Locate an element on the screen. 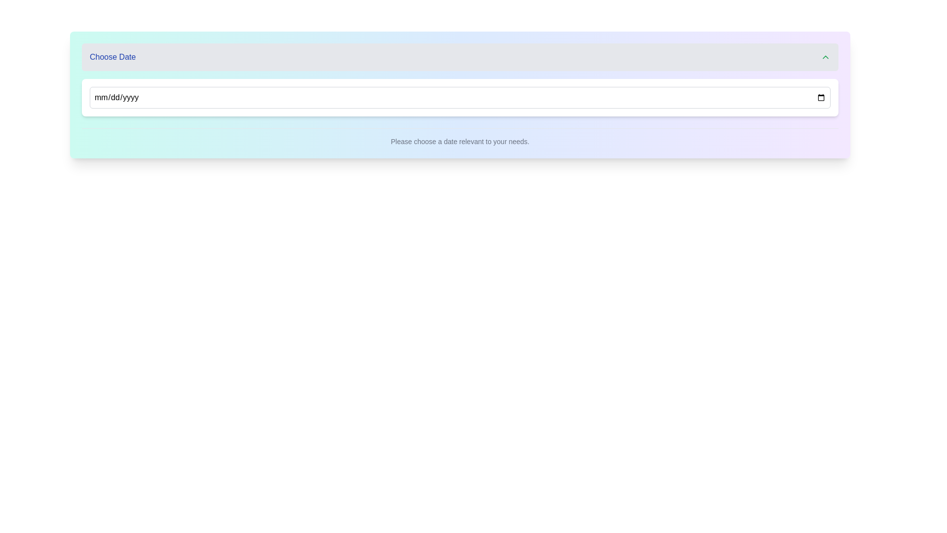  the upward-pointing chevron-shaped button in green color located at the rightmost side of the header bar within the 'Choose Date' section is located at coordinates (826, 57).